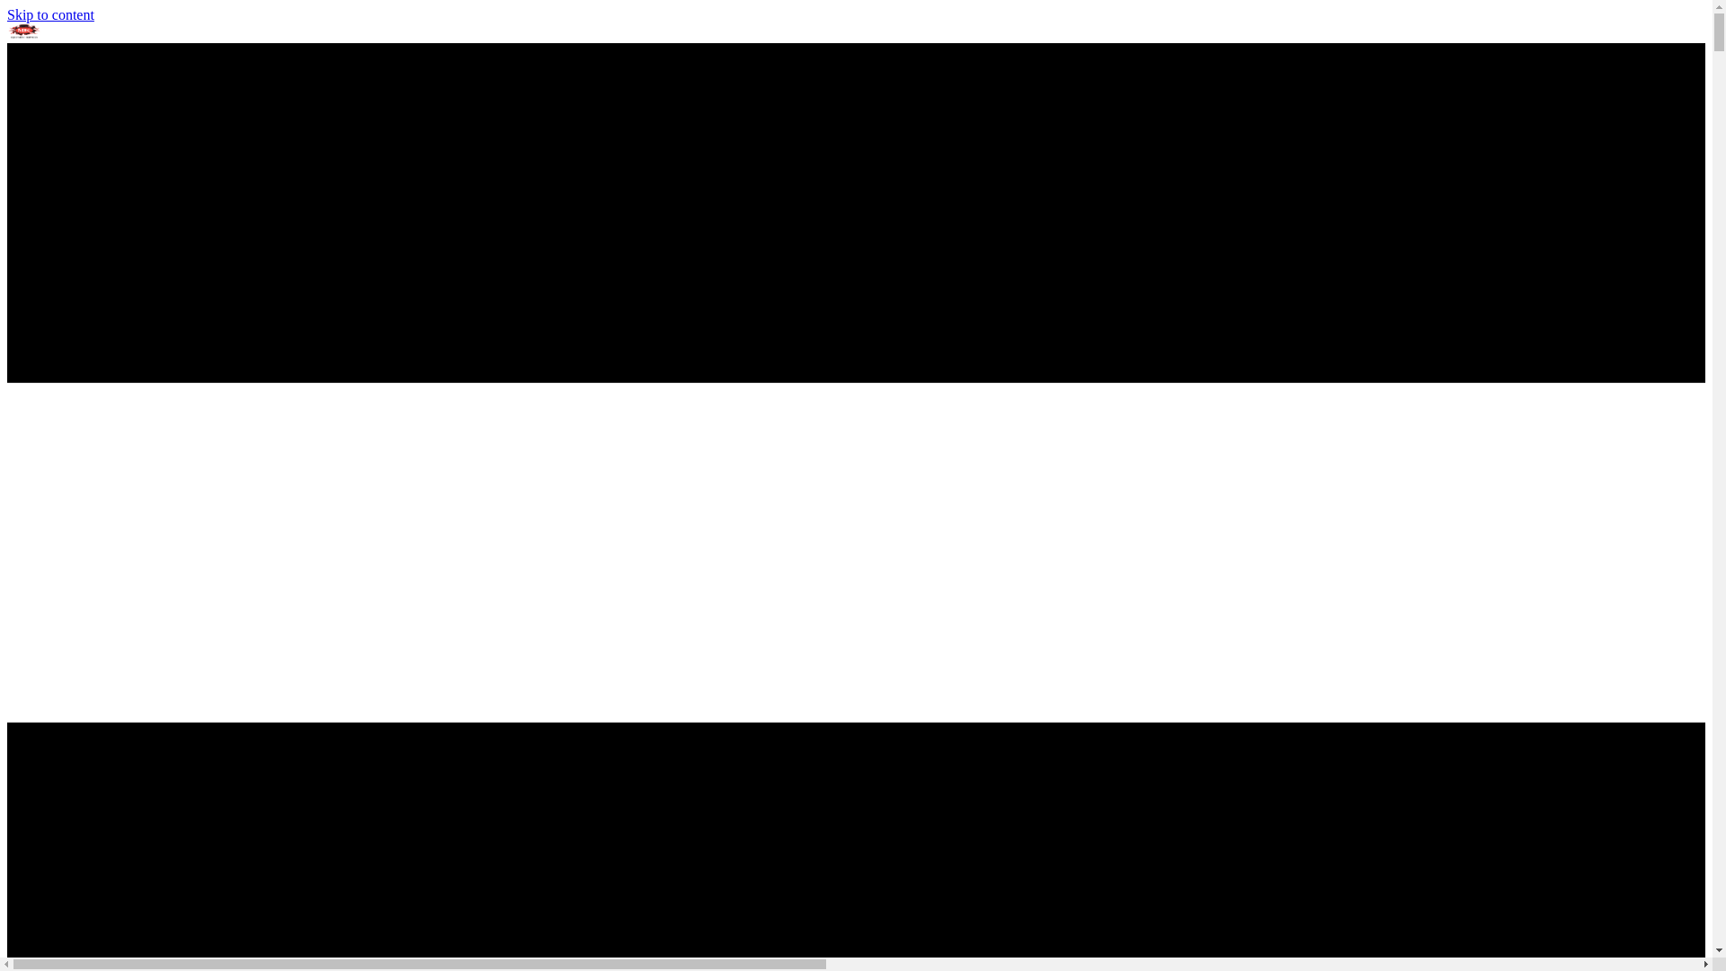 This screenshot has width=1726, height=971. What do you see at coordinates (7, 14) in the screenshot?
I see `'Skip to content'` at bounding box center [7, 14].